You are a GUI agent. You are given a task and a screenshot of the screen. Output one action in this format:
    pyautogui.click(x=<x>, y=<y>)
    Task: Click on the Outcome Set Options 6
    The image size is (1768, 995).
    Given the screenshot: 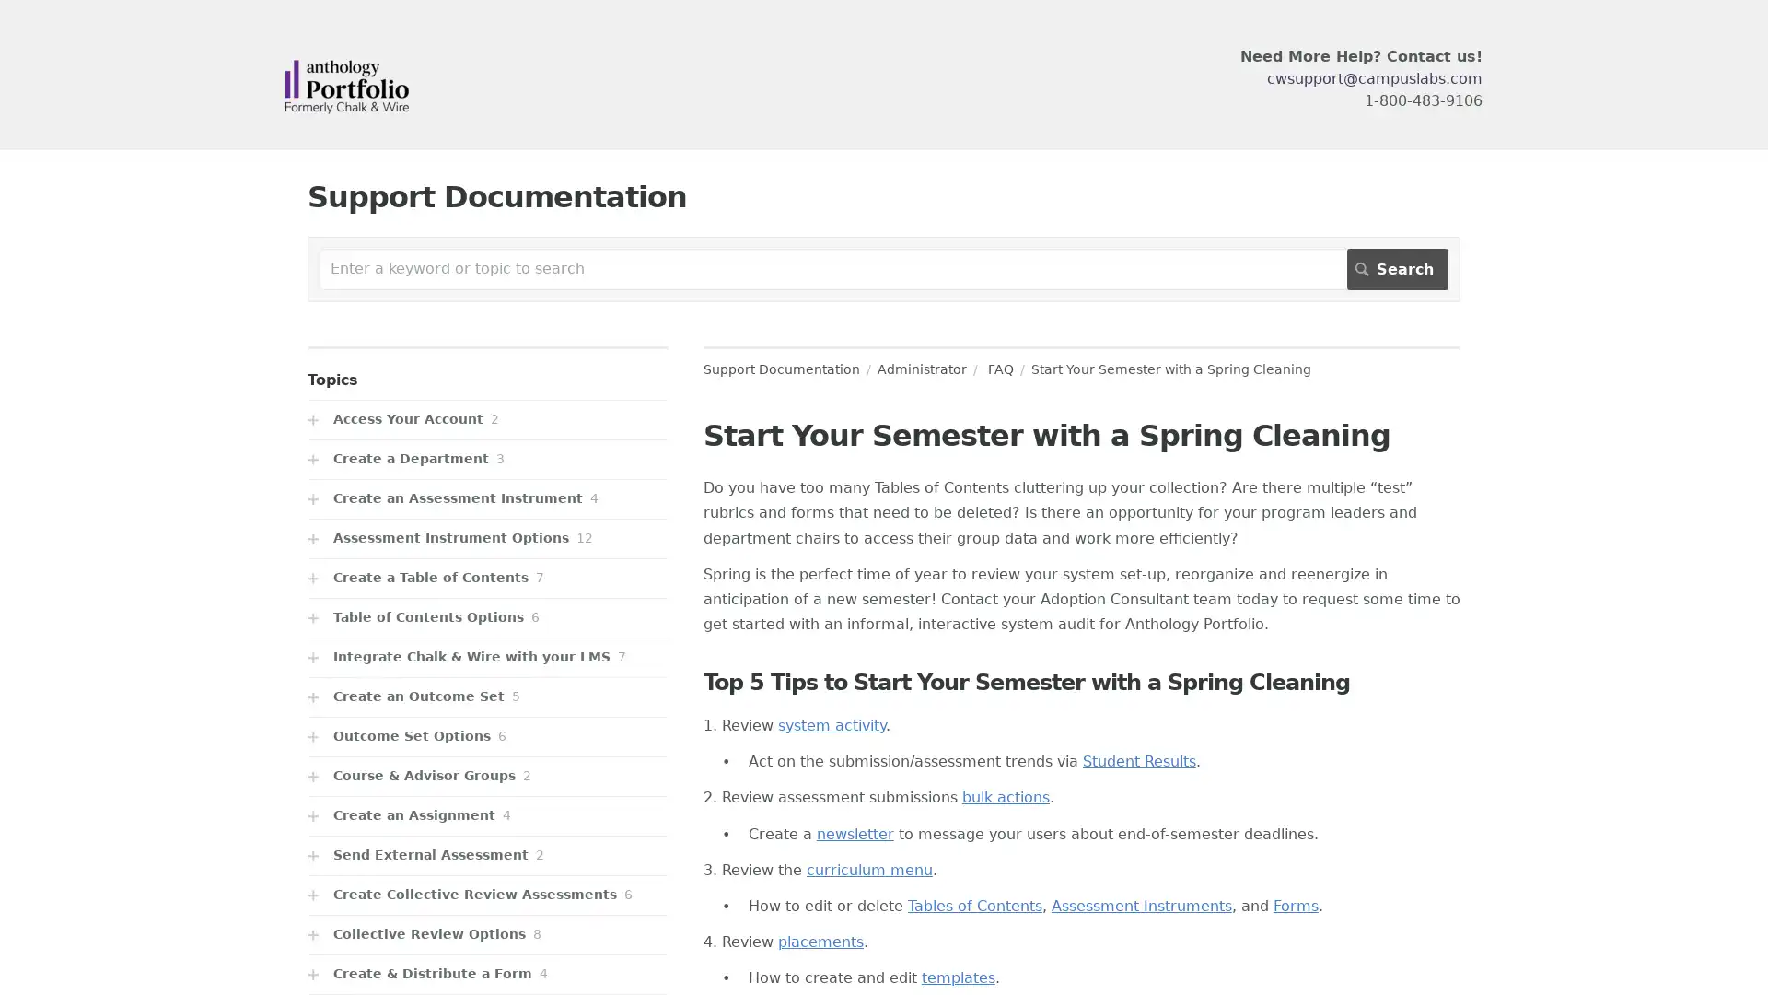 What is the action you would take?
    pyautogui.click(x=487, y=735)
    